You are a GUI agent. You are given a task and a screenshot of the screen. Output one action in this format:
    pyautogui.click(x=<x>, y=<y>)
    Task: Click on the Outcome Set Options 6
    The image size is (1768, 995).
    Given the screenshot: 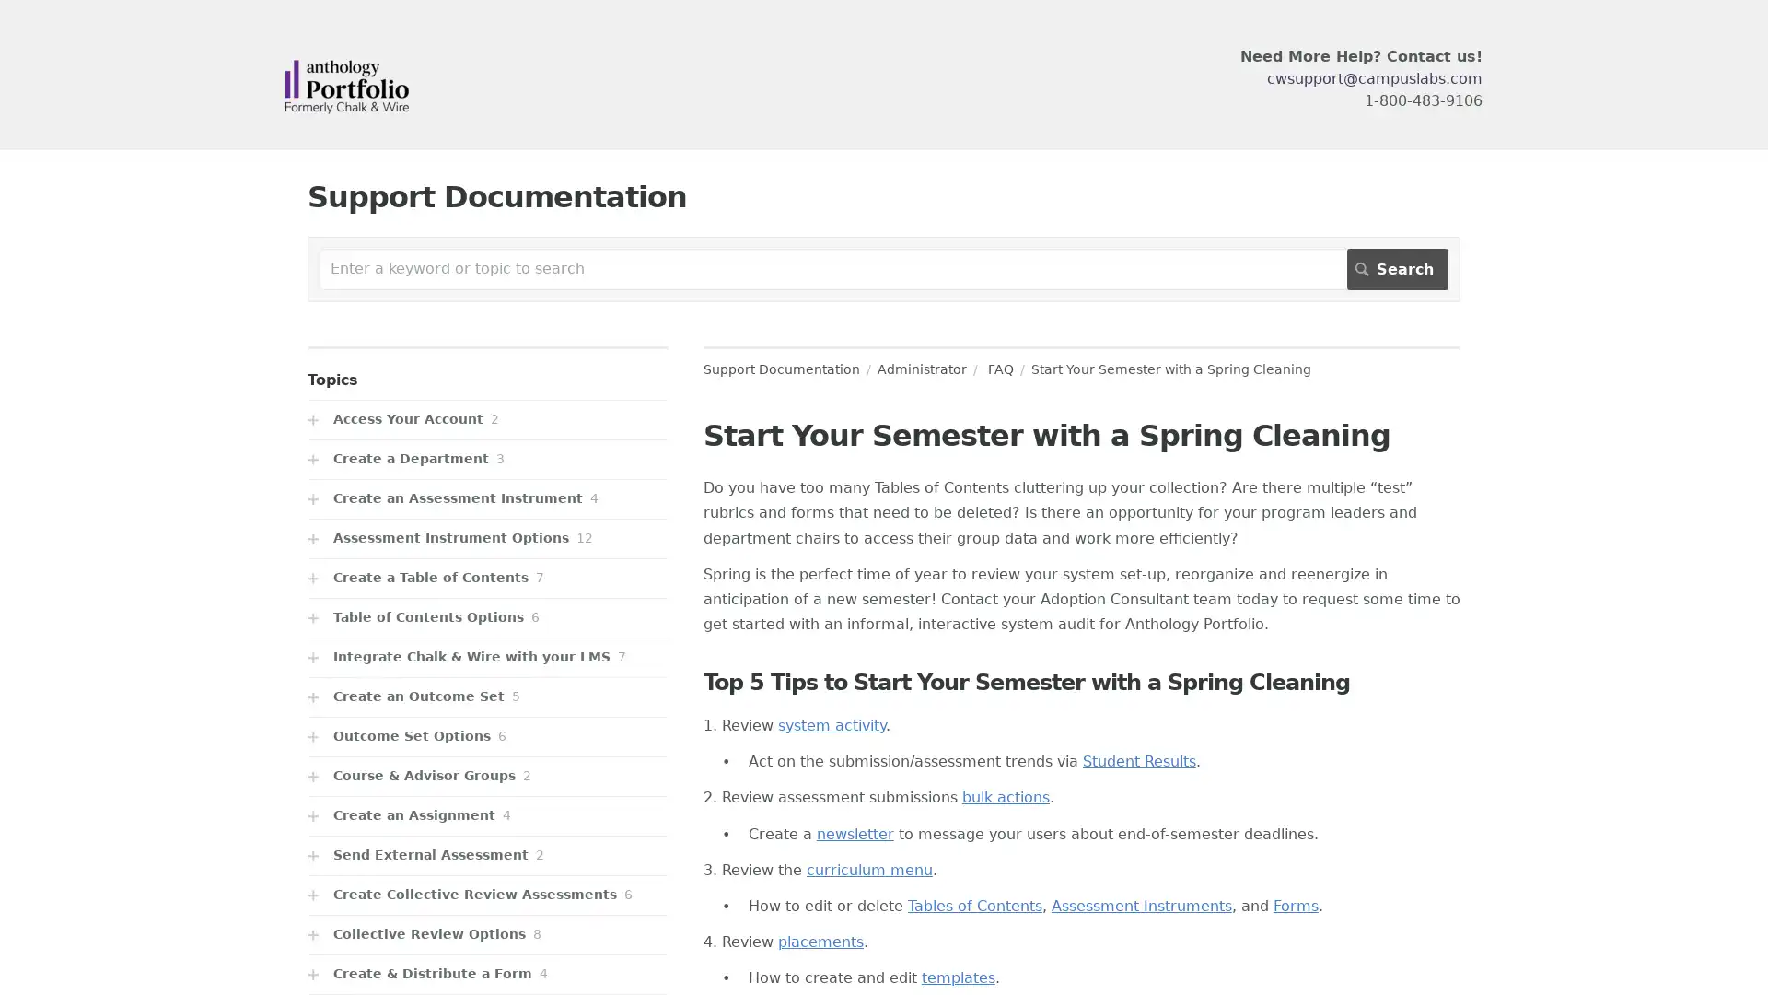 What is the action you would take?
    pyautogui.click(x=487, y=735)
    